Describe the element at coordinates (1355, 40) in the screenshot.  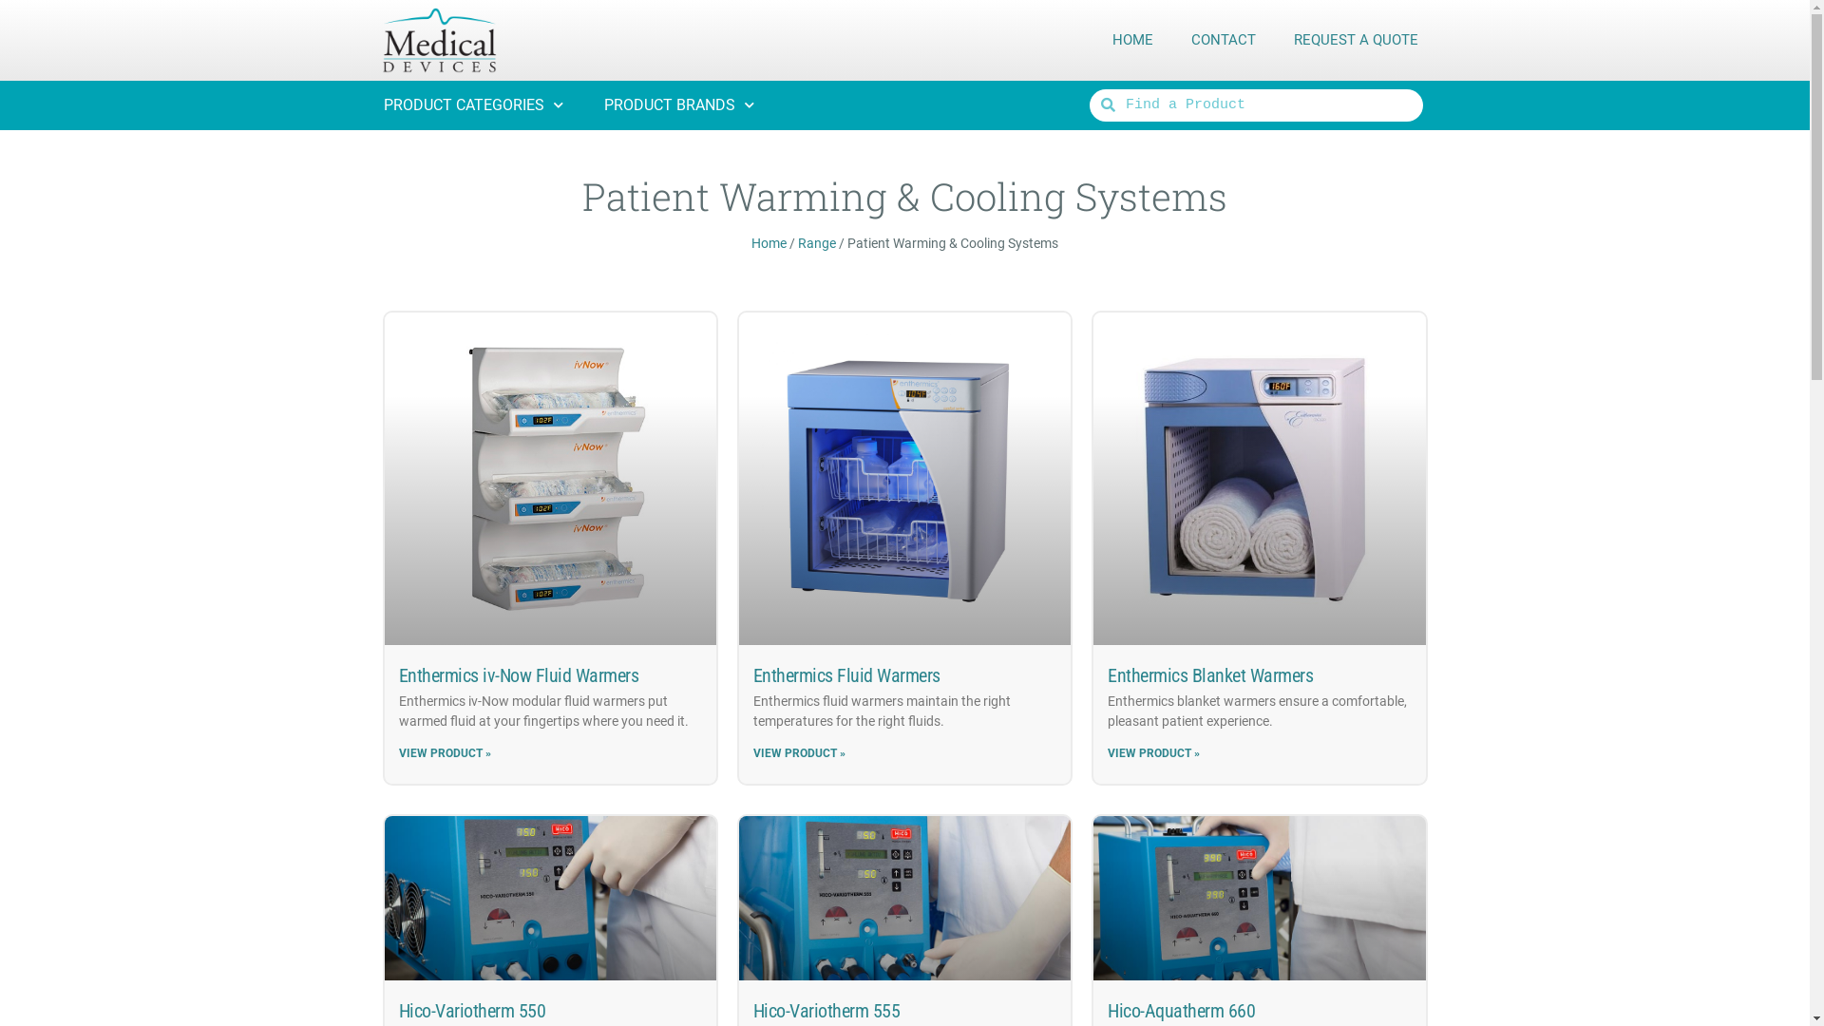
I see `'REQUEST A QUOTE'` at that location.